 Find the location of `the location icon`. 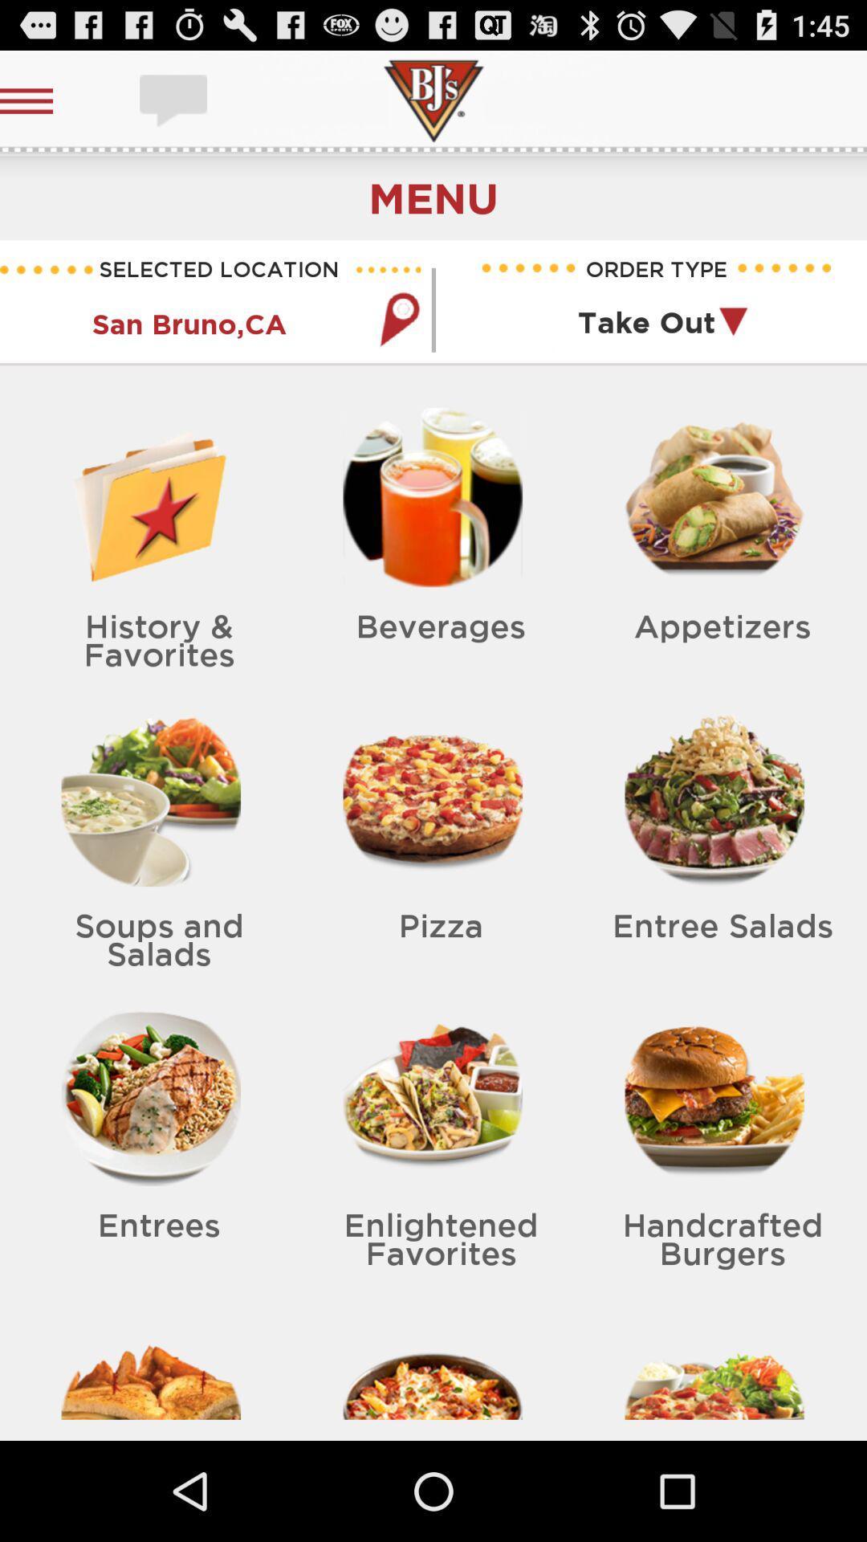

the location icon is located at coordinates (398, 341).